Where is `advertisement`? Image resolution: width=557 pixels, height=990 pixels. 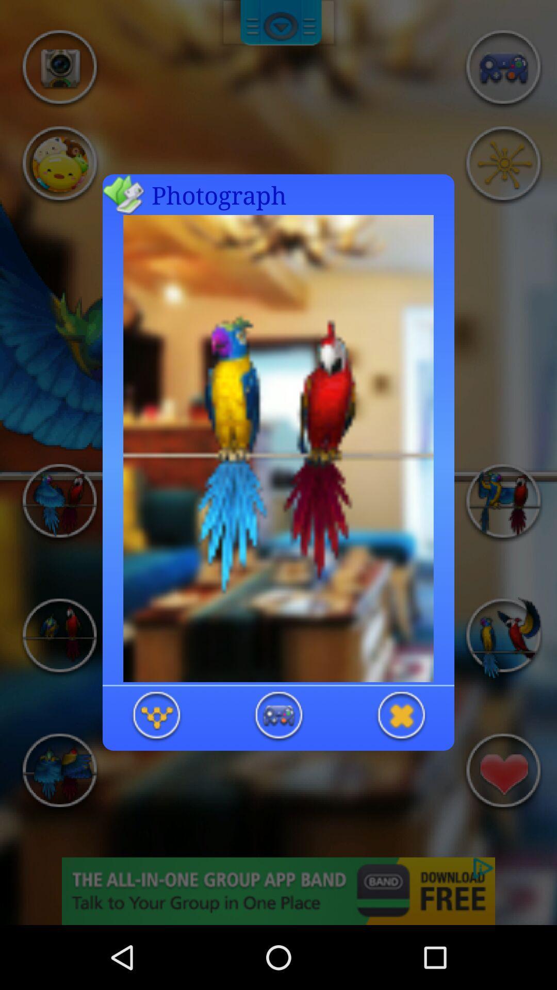 advertisement is located at coordinates (400, 716).